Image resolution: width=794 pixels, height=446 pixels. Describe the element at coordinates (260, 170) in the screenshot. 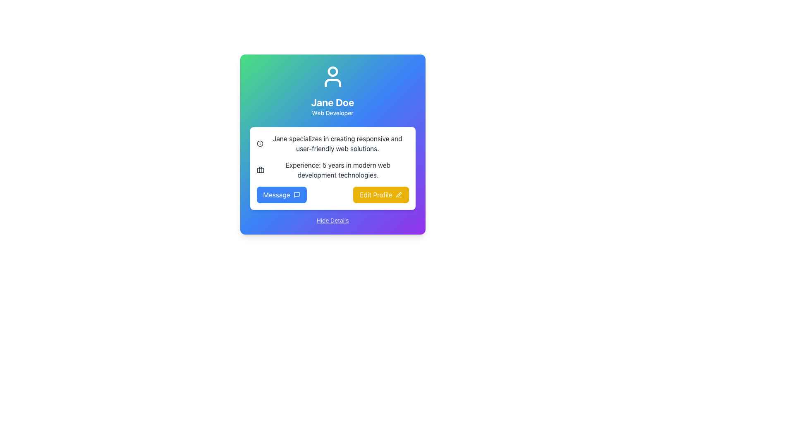

I see `the 'Experience' icon located under the heading 'Jane Doe - Web Developer', which precedes the text 'Experience: 5 years in modern web development technologies.'` at that location.